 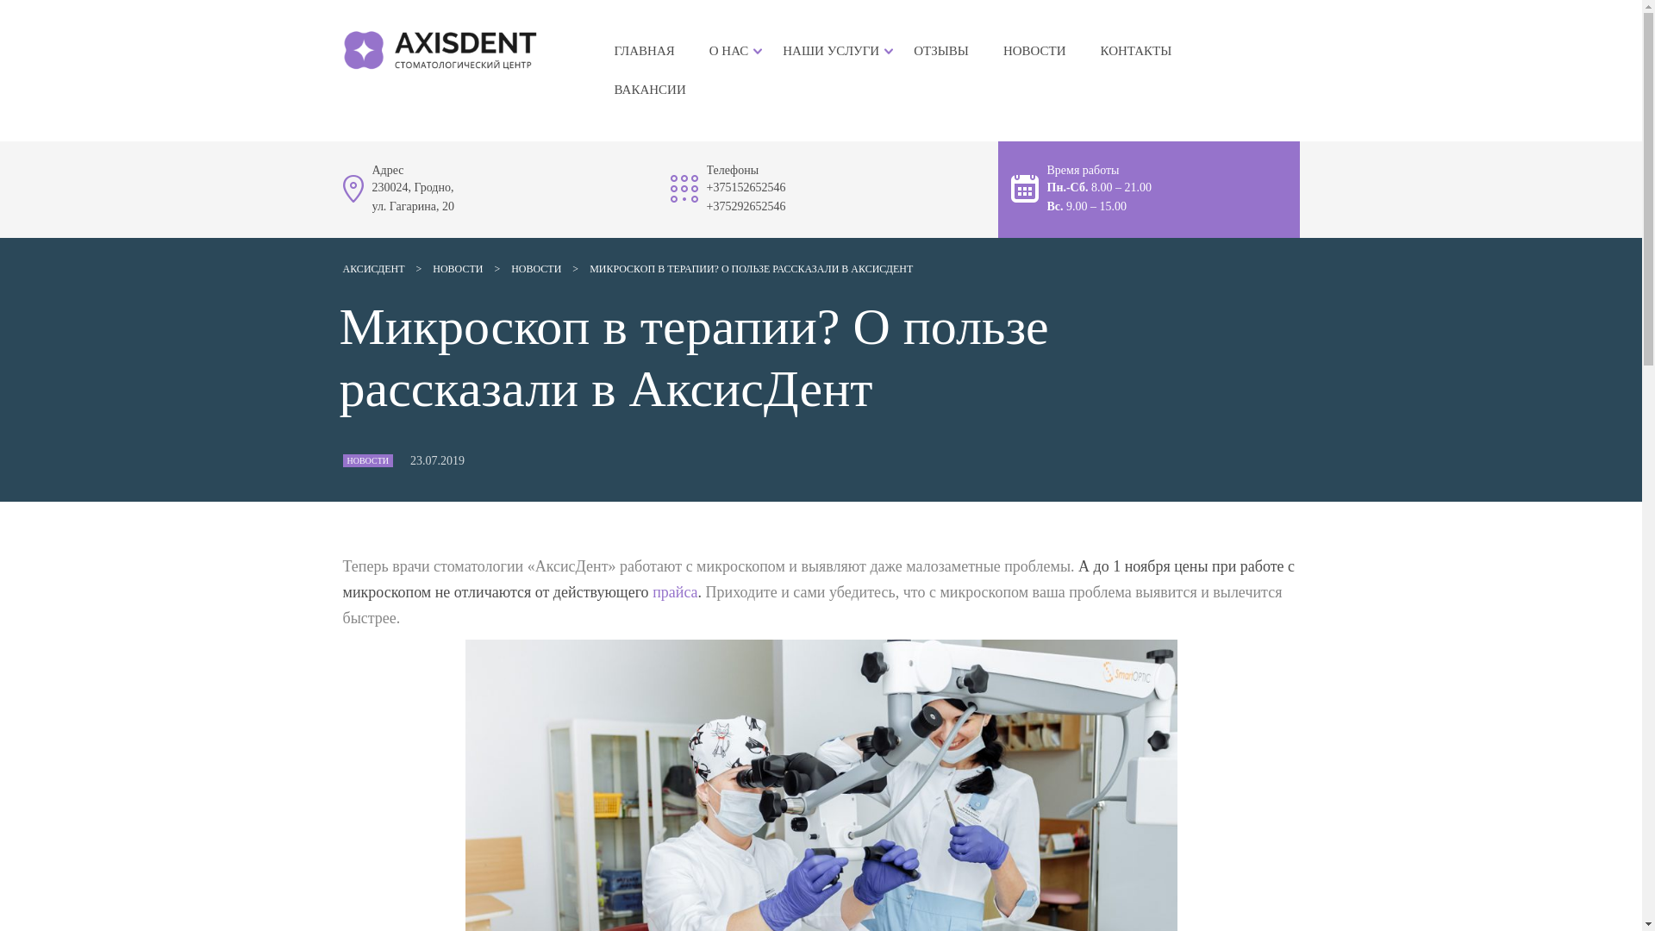 What do you see at coordinates (746, 205) in the screenshot?
I see `'+375292652546'` at bounding box center [746, 205].